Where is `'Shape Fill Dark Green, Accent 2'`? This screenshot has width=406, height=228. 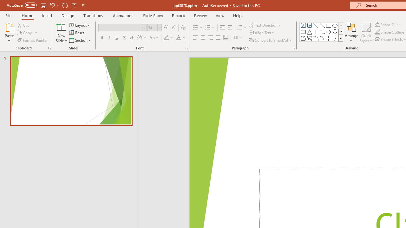 'Shape Fill Dark Green, Accent 2' is located at coordinates (377, 24).